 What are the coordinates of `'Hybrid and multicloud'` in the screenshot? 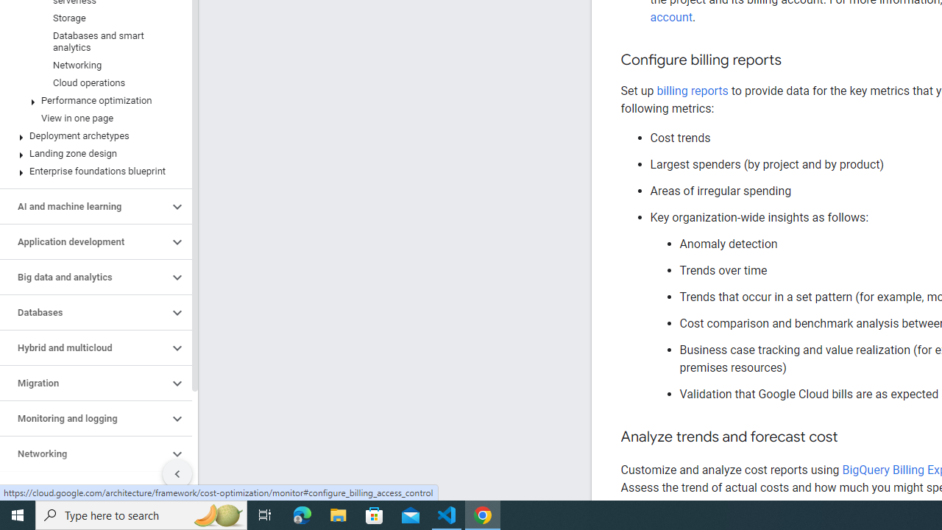 It's located at (83, 348).